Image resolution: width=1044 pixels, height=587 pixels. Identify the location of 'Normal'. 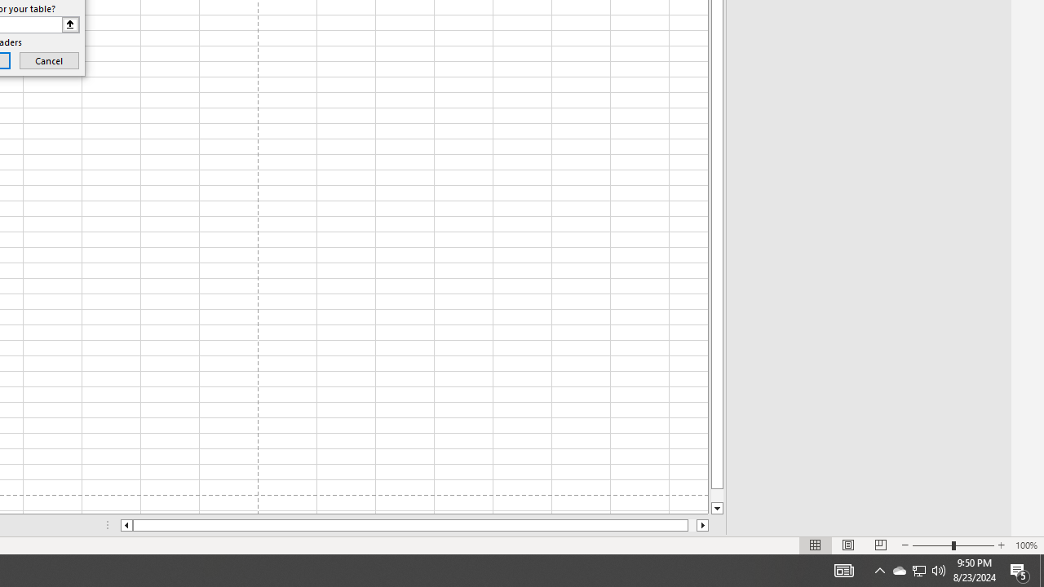
(816, 545).